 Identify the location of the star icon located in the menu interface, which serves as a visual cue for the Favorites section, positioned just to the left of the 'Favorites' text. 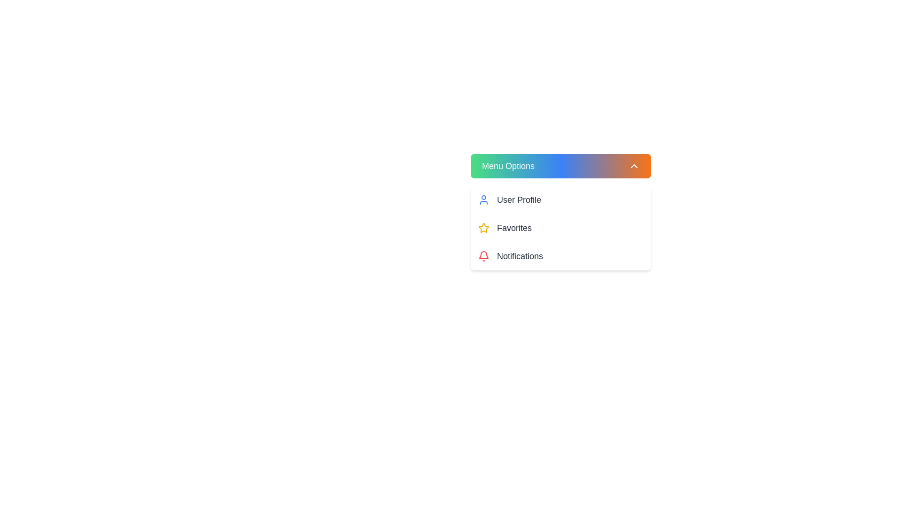
(484, 228).